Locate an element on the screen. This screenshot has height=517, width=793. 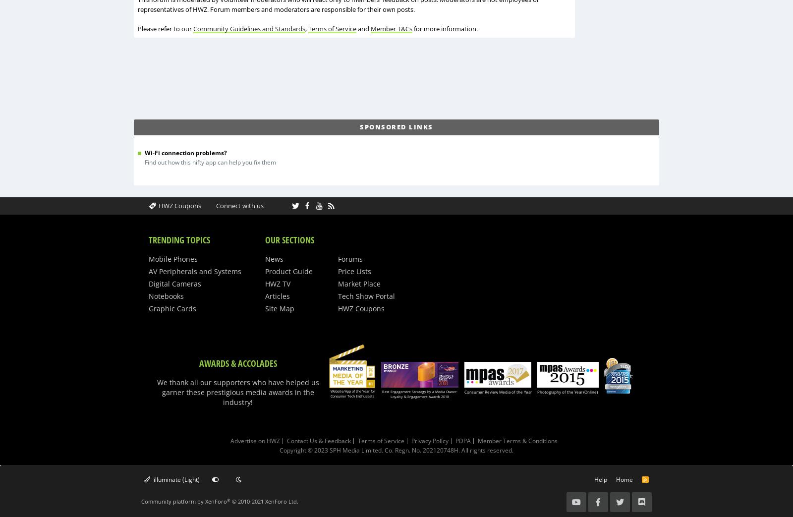
'Connect with us' is located at coordinates (216, 205).